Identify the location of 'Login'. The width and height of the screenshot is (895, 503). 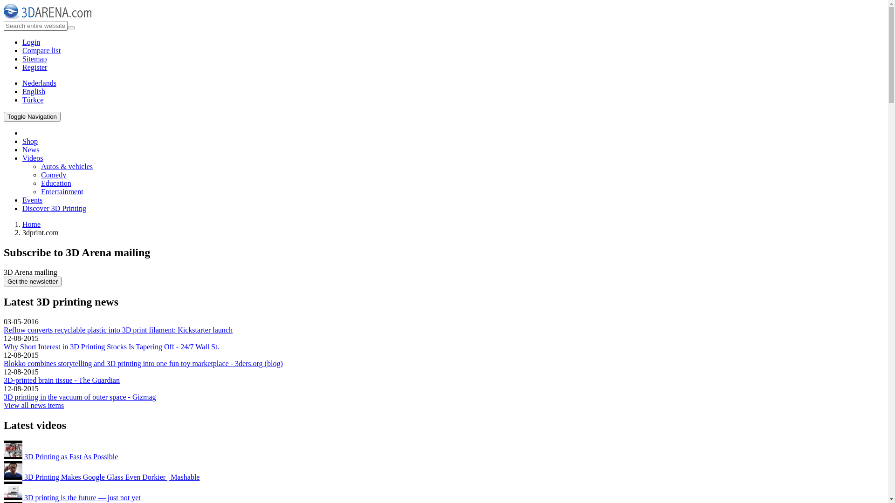
(22, 42).